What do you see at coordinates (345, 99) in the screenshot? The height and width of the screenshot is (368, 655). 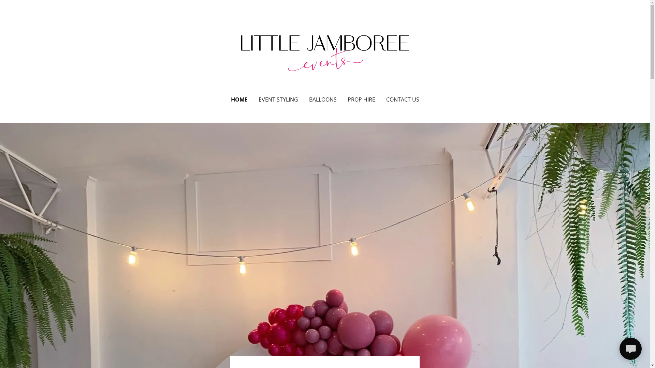 I see `'PROP HIRE'` at bounding box center [345, 99].